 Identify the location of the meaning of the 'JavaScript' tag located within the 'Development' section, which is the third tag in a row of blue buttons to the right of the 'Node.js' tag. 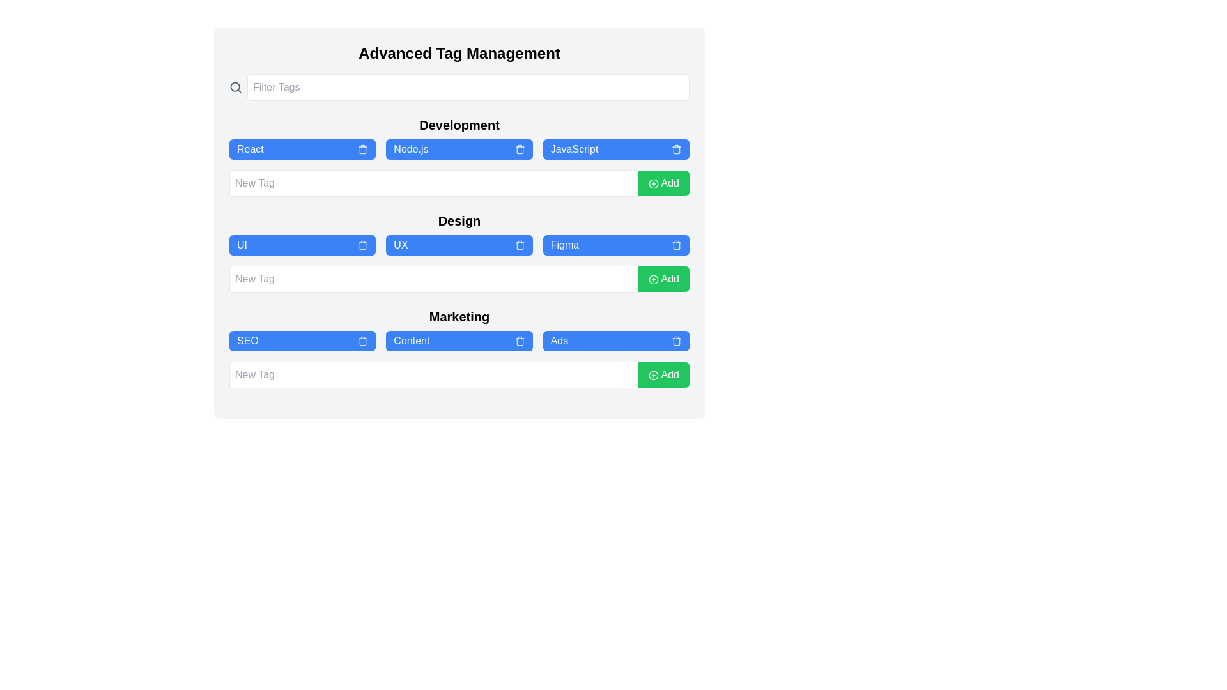
(573, 149).